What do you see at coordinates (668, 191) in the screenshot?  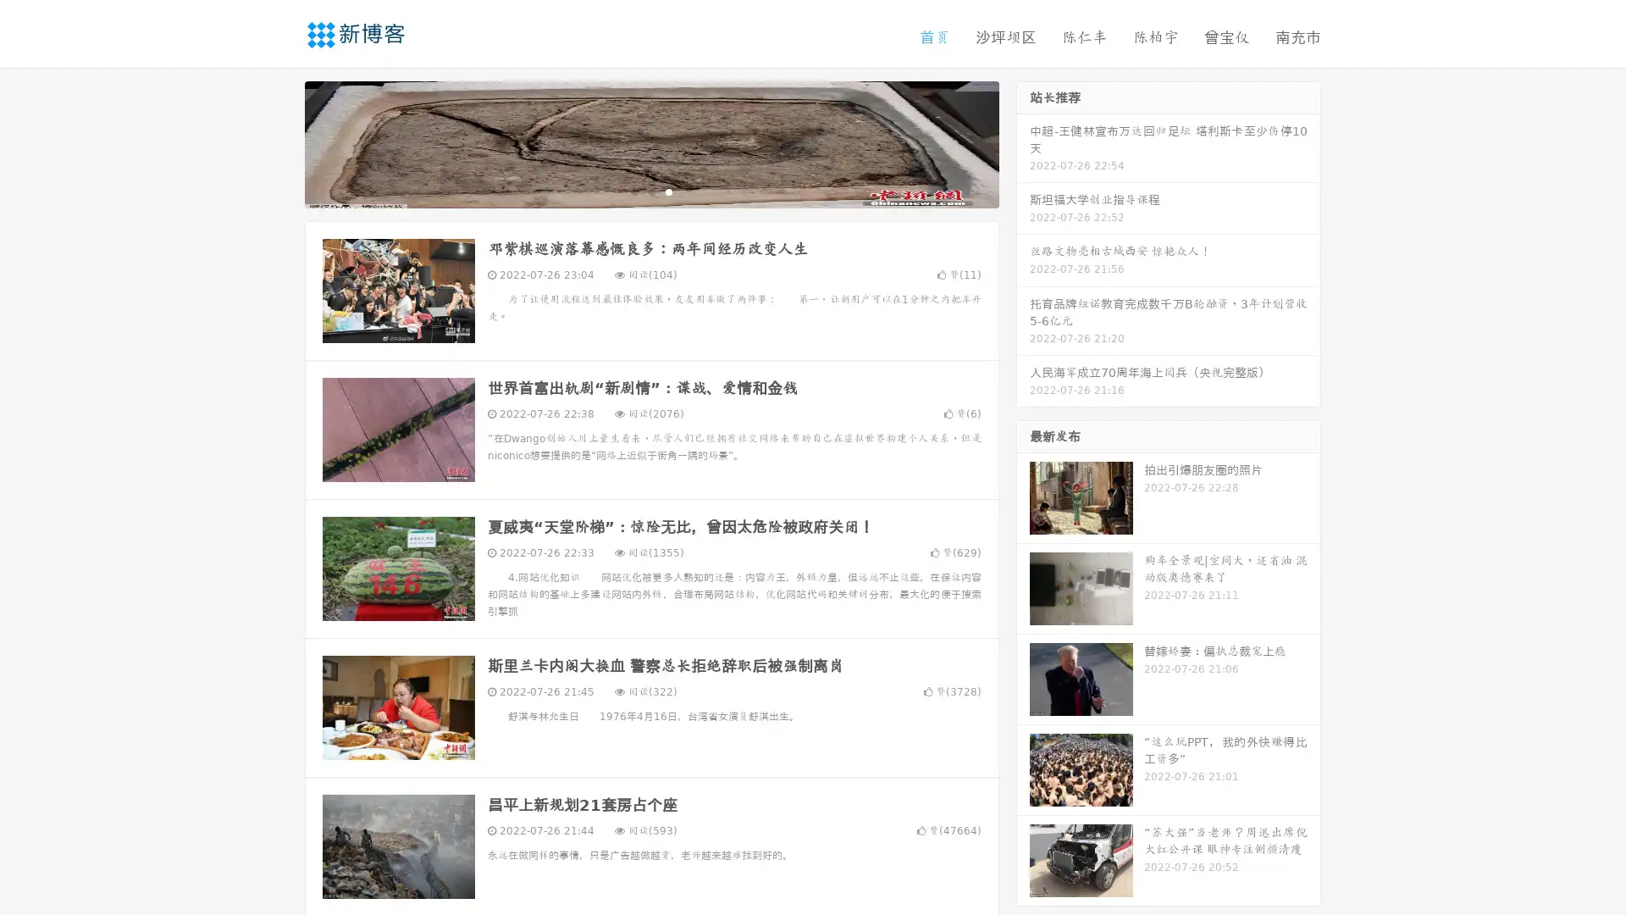 I see `Go to slide 3` at bounding box center [668, 191].